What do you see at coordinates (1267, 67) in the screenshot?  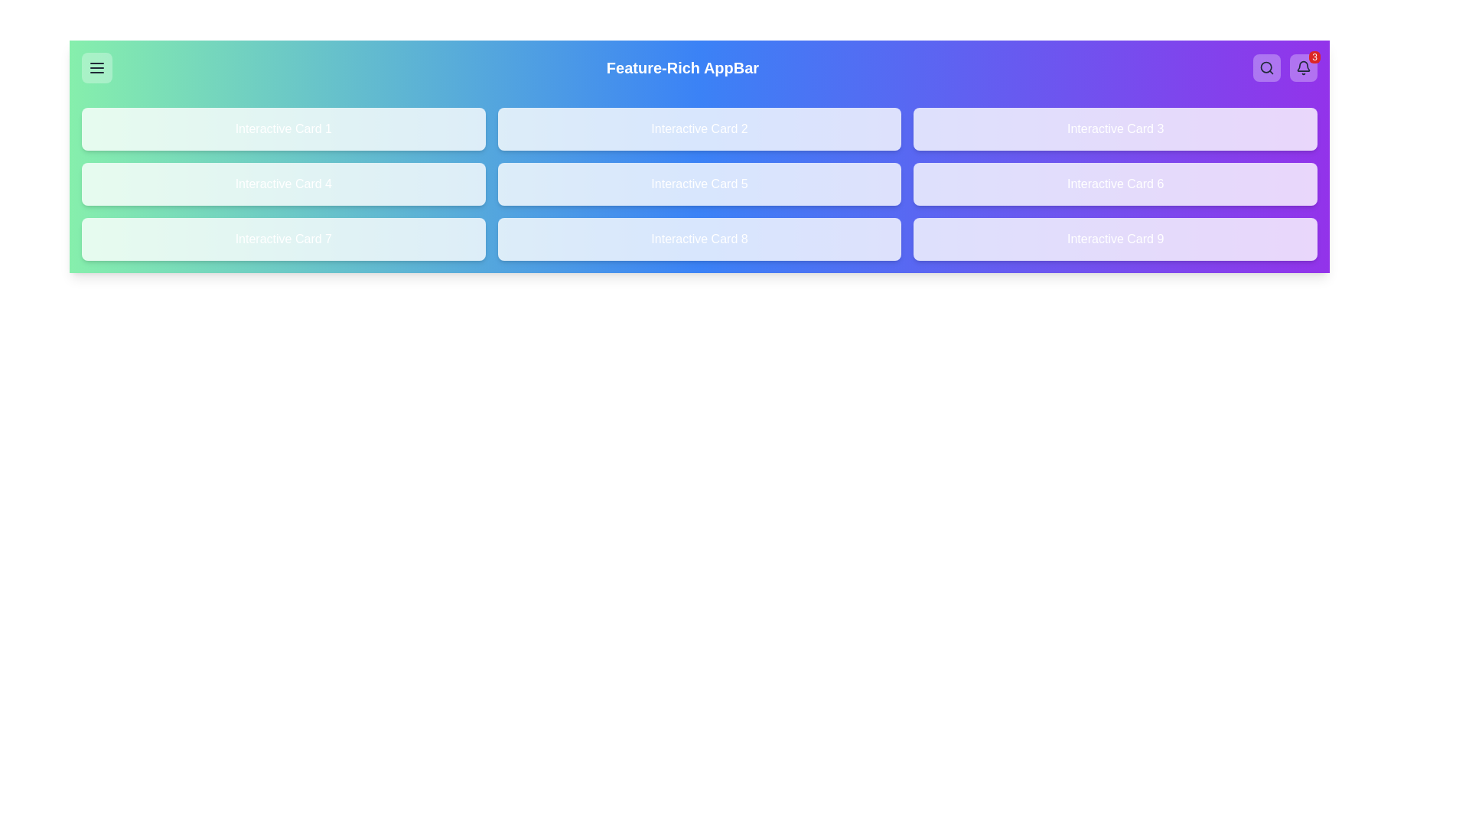 I see `the search button to observe its hover effect` at bounding box center [1267, 67].